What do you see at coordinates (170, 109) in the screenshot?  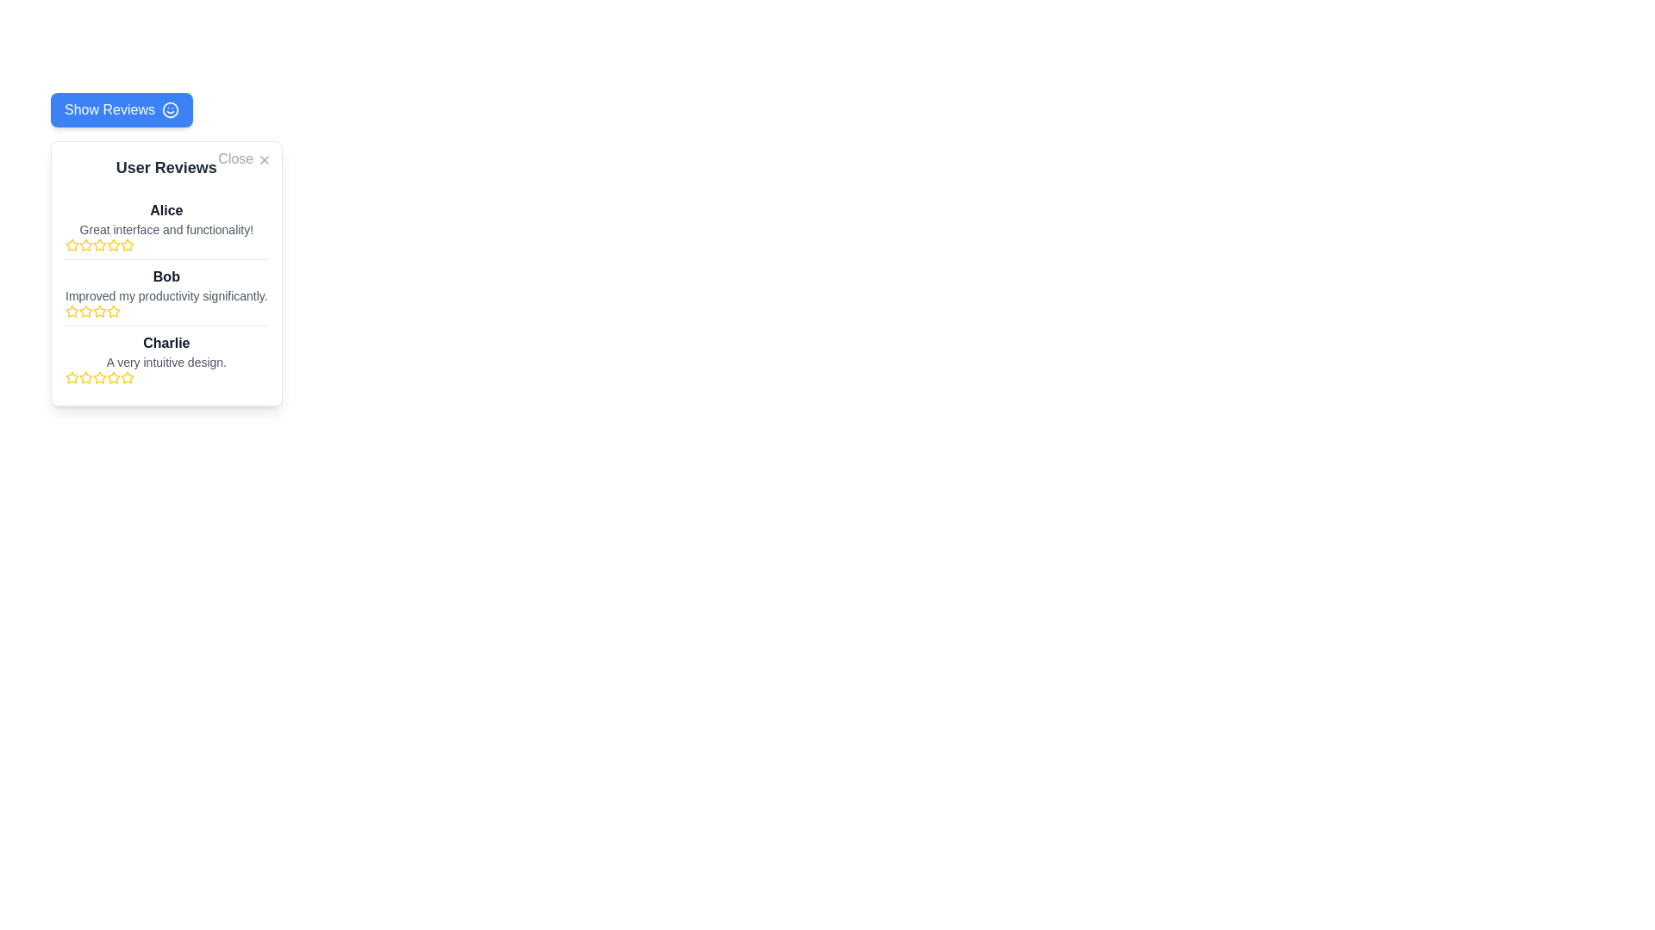 I see `the smiley face icon located to the right of the 'Show Reviews' text within the button` at bounding box center [170, 109].